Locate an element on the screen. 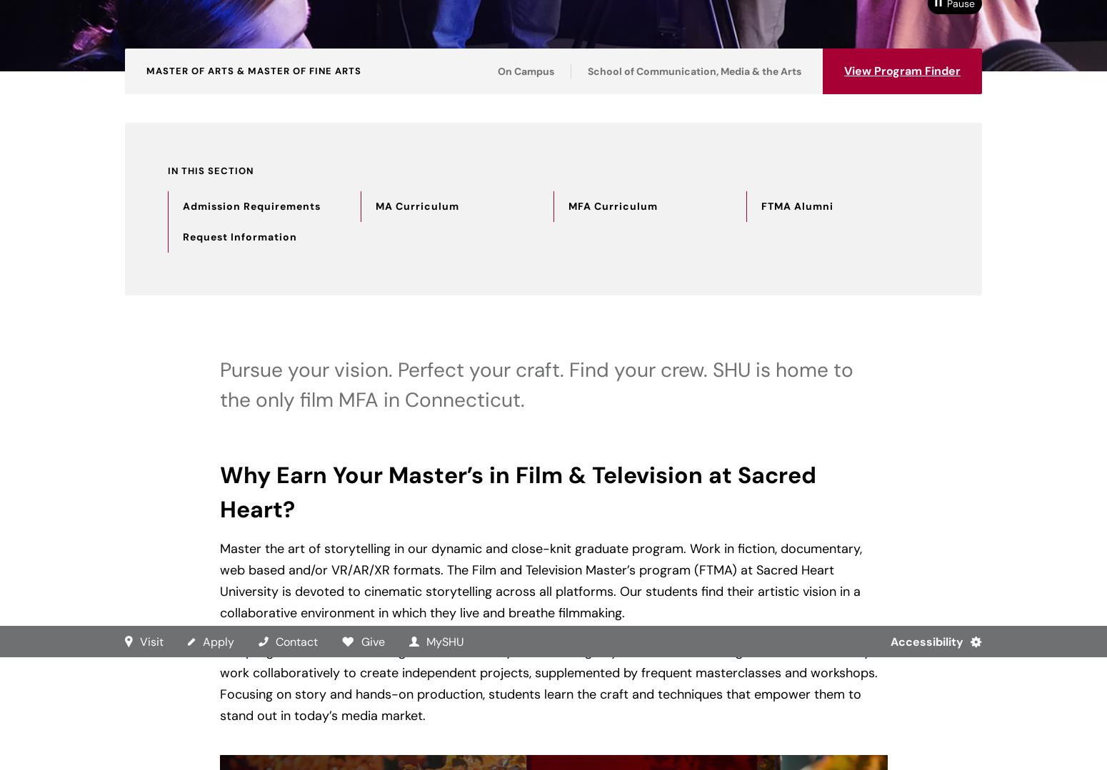 The image size is (1107, 770). 'The film and television master’s program' is located at coordinates (224, 412).